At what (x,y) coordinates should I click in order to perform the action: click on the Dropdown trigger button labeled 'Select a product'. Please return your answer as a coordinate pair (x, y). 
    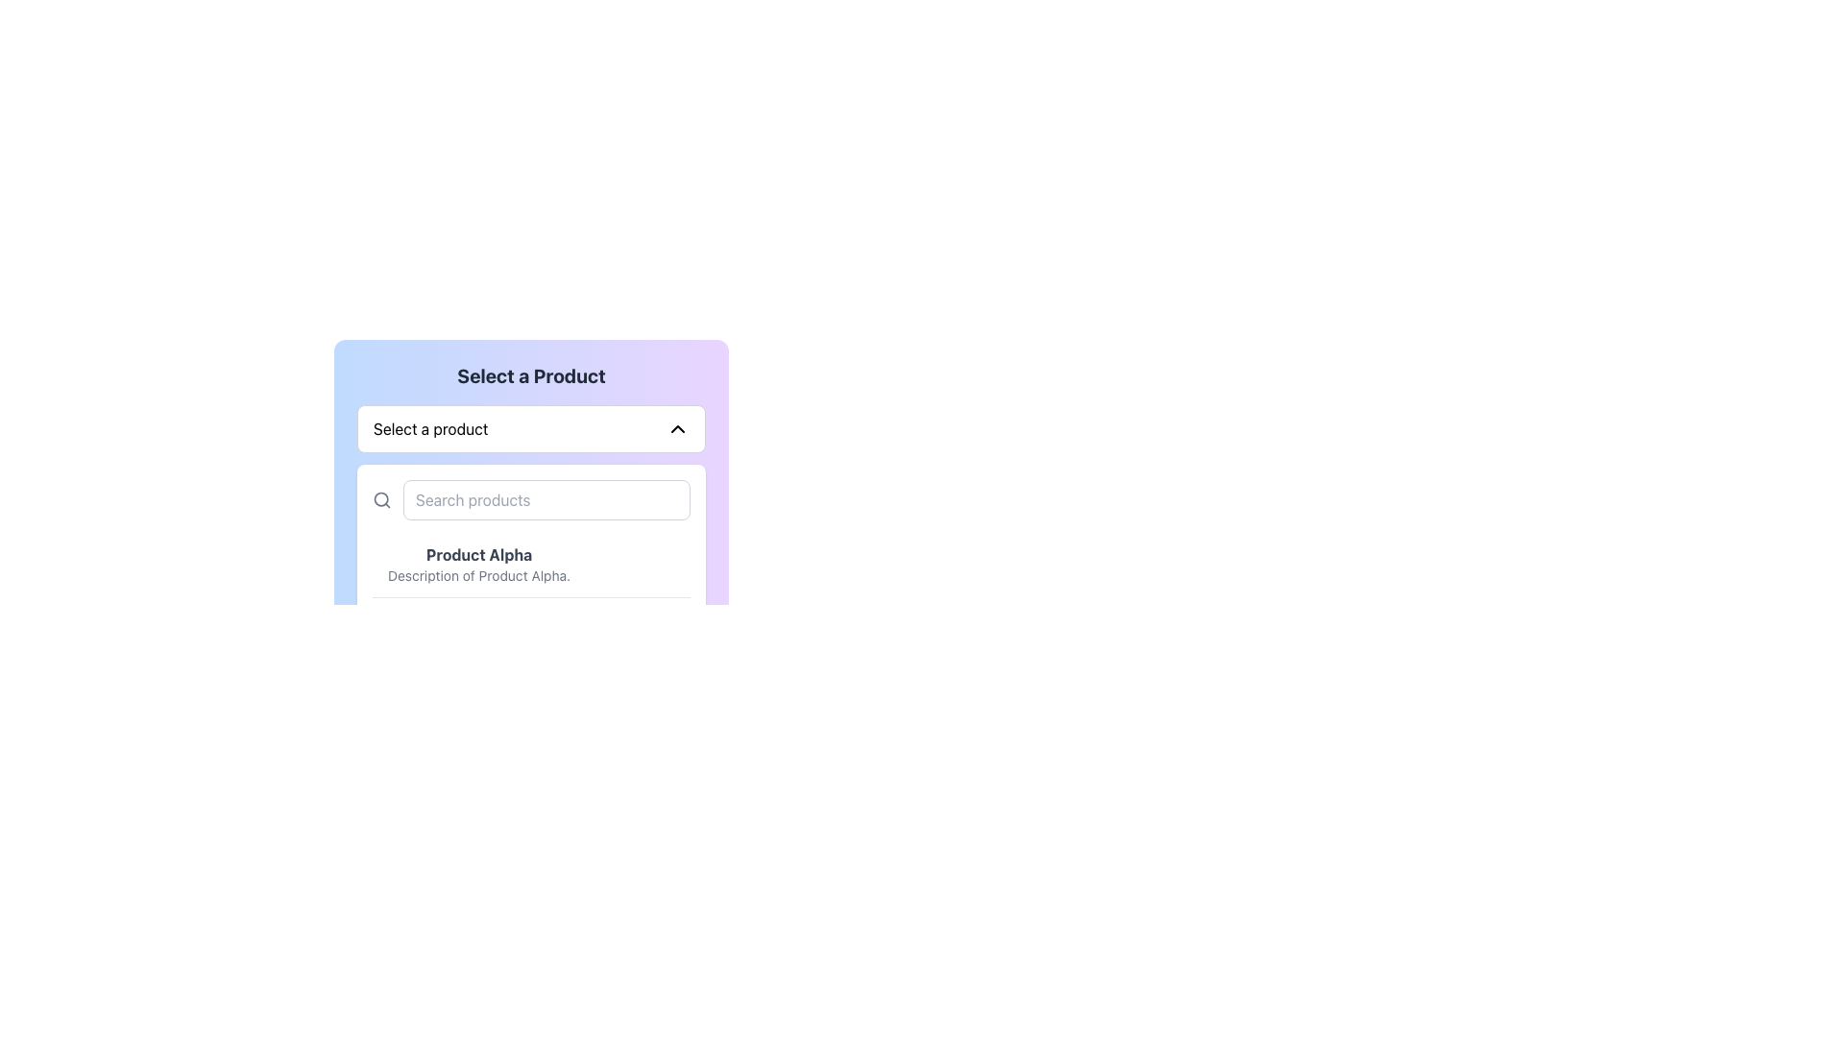
    Looking at the image, I should click on (531, 428).